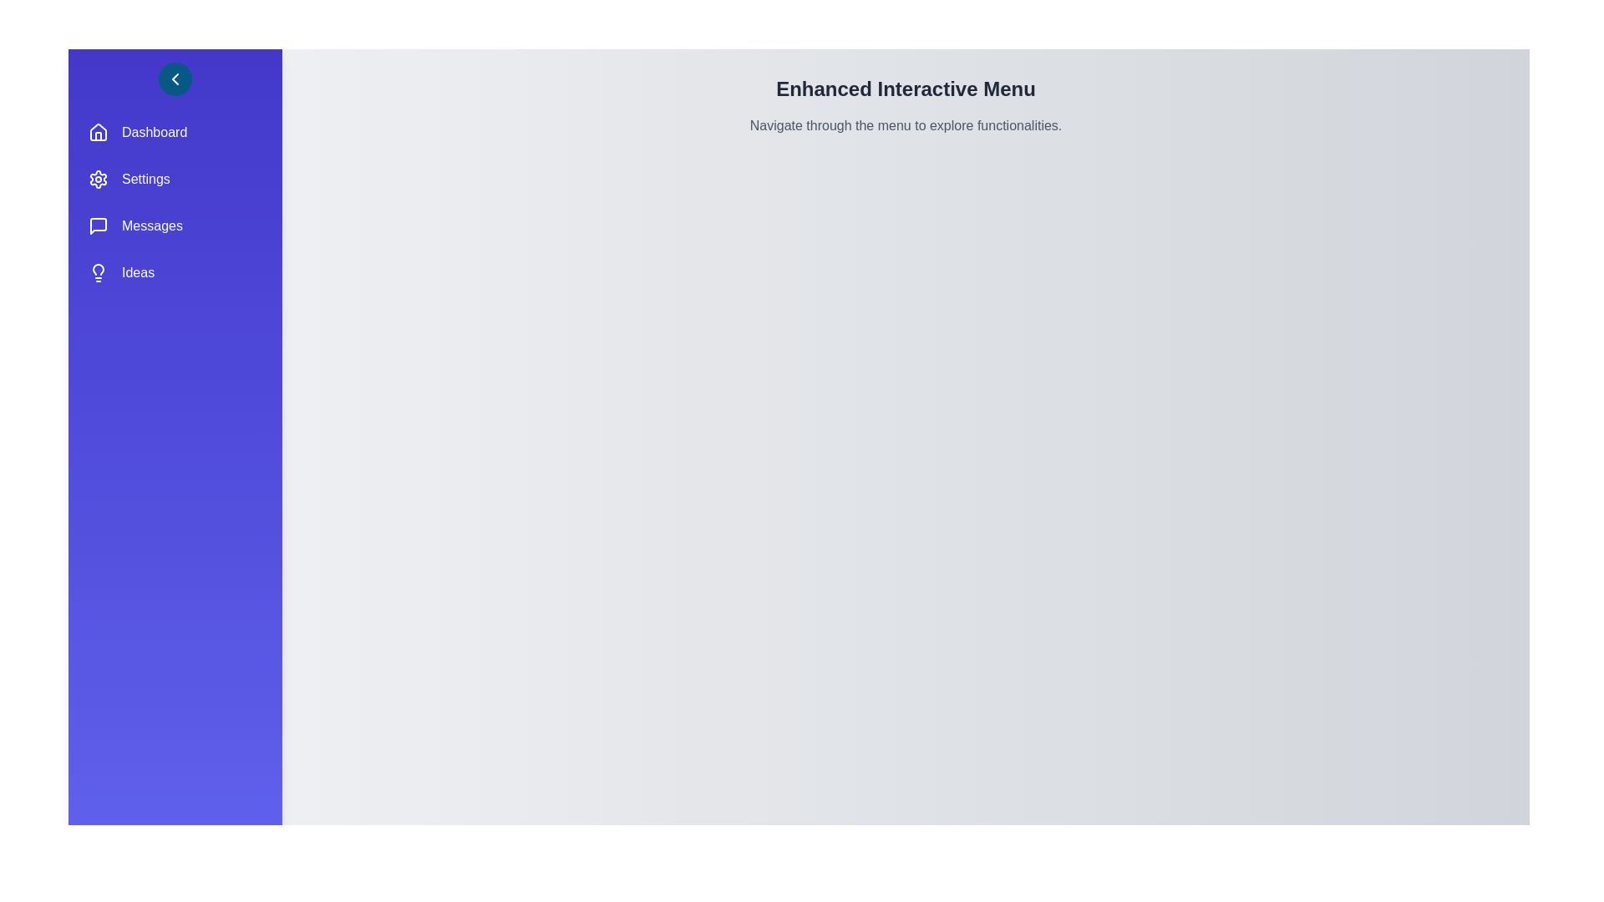 The height and width of the screenshot is (902, 1604). What do you see at coordinates (175, 131) in the screenshot?
I see `the menu item Dashboard to select it` at bounding box center [175, 131].